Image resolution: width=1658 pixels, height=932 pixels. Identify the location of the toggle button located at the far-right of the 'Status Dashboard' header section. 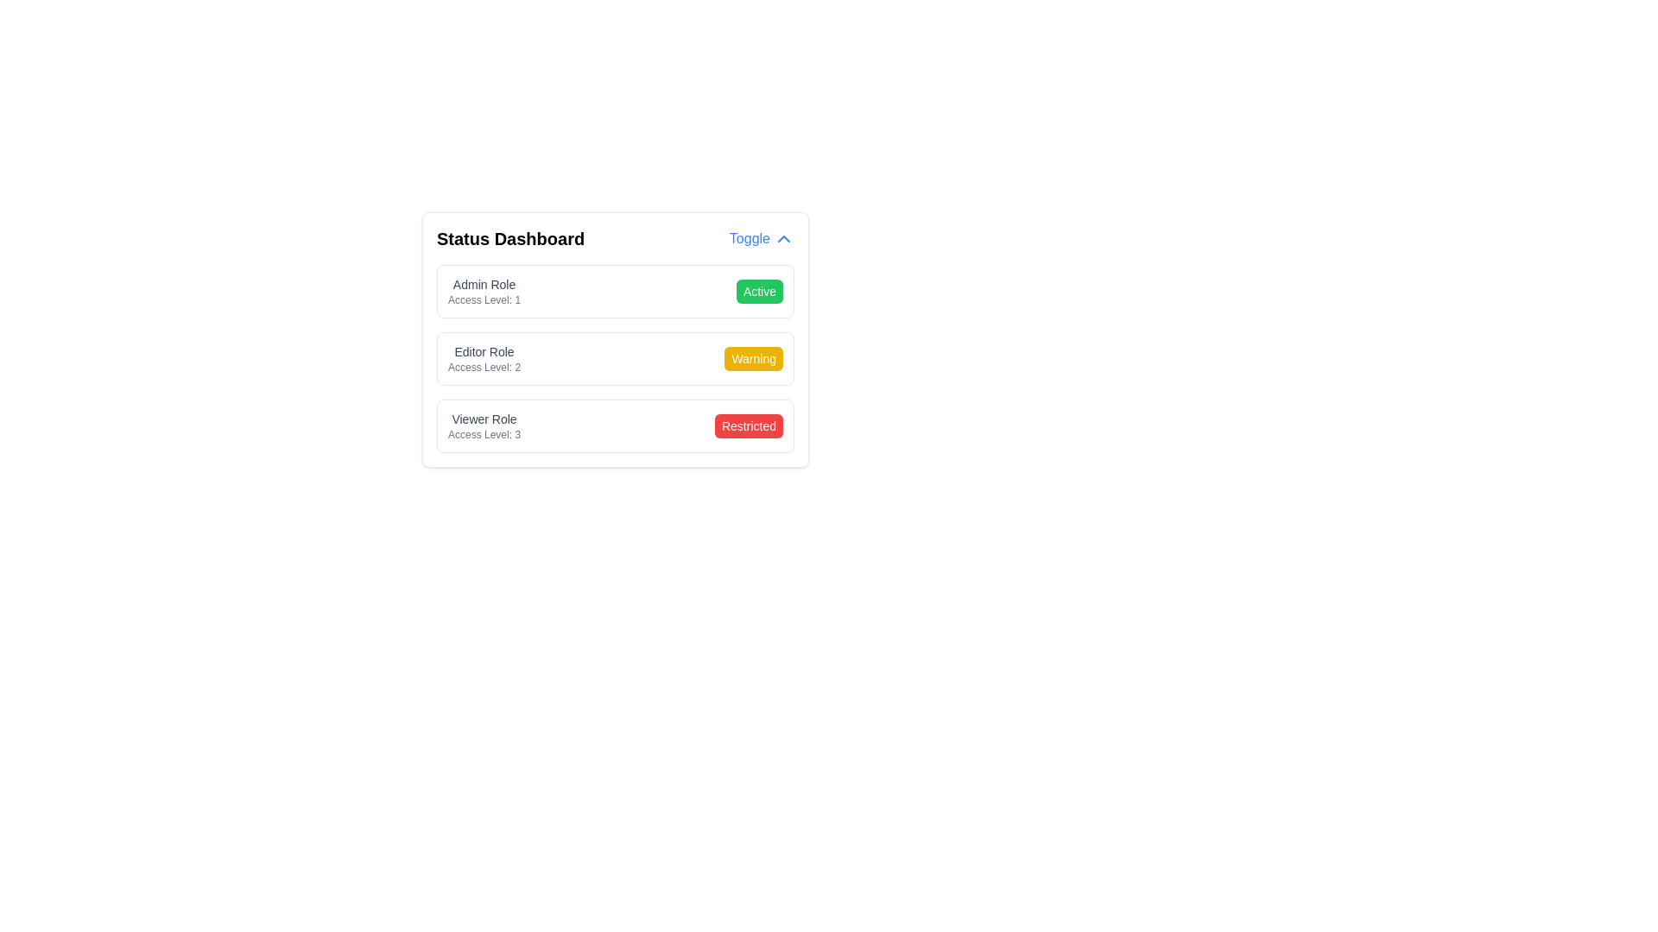
(761, 239).